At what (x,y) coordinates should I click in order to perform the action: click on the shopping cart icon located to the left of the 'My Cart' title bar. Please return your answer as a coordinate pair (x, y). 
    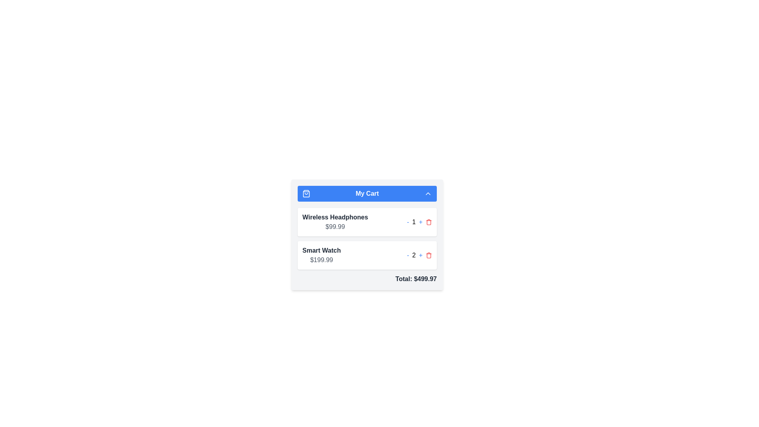
    Looking at the image, I should click on (306, 193).